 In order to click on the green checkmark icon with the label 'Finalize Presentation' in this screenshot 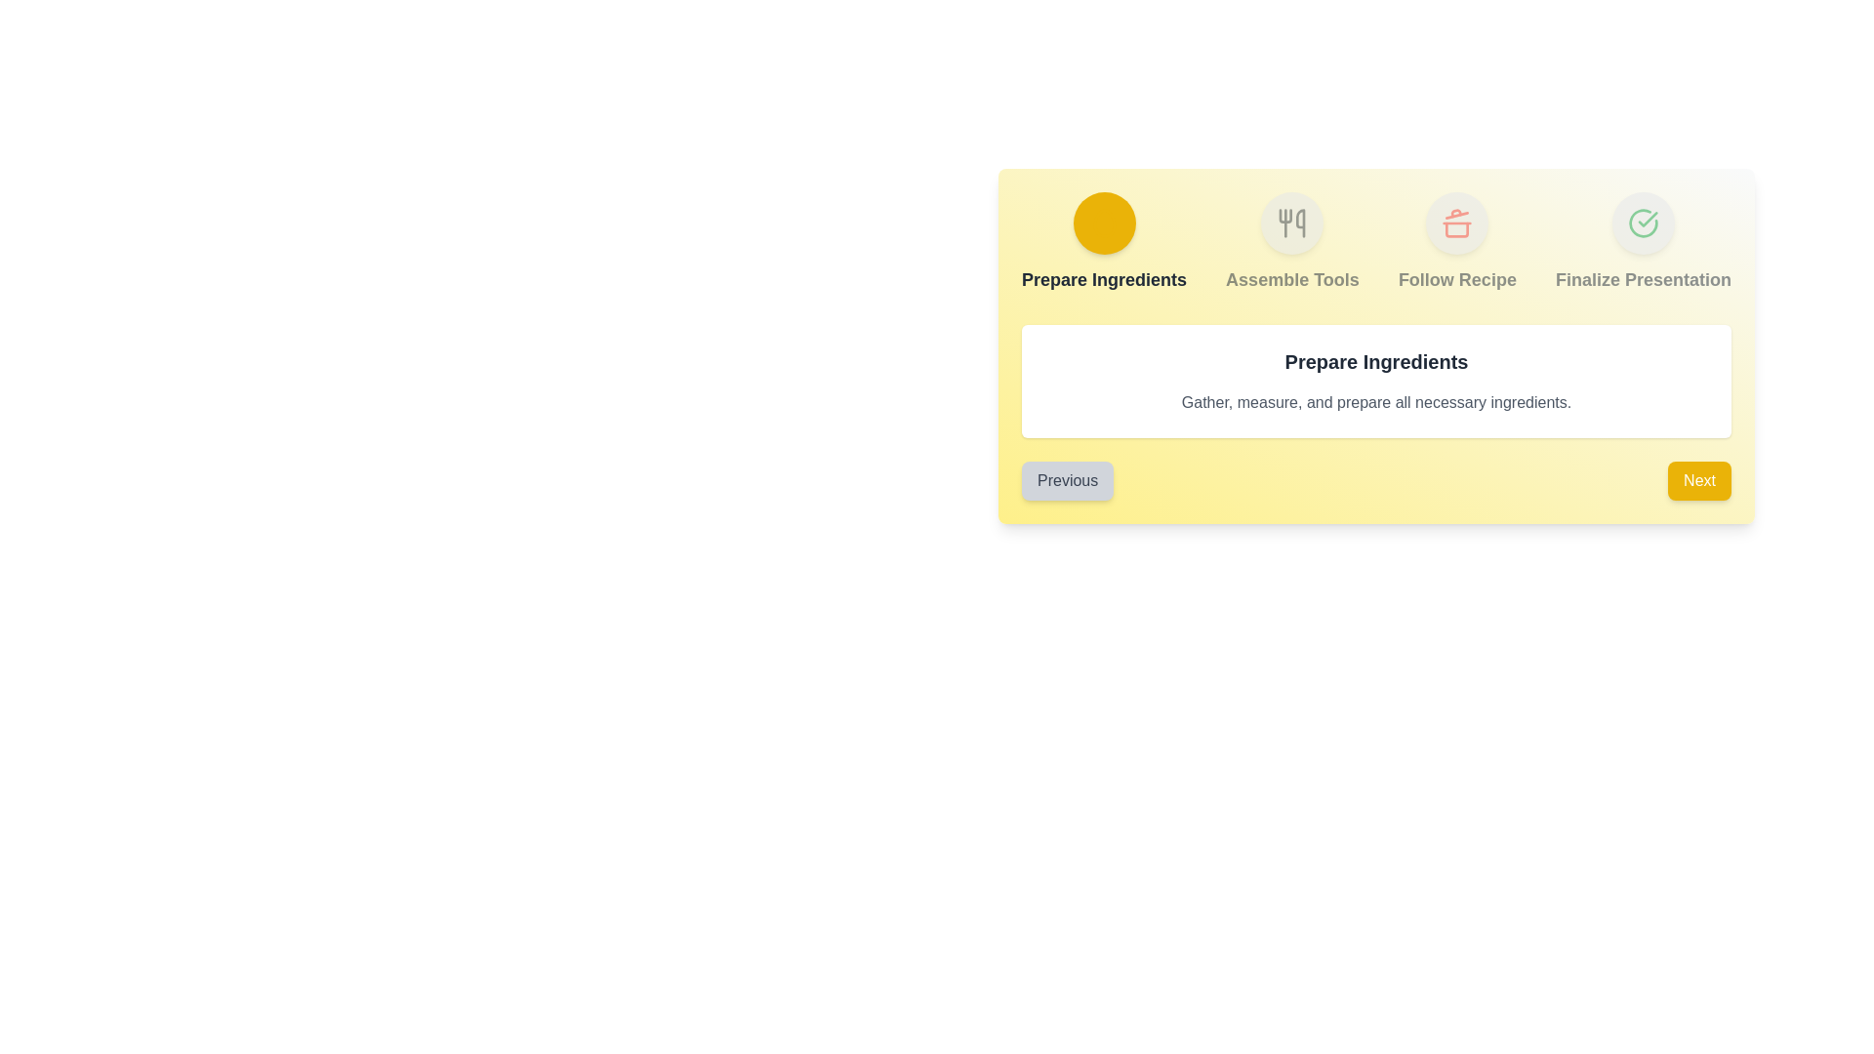, I will do `click(1643, 242)`.